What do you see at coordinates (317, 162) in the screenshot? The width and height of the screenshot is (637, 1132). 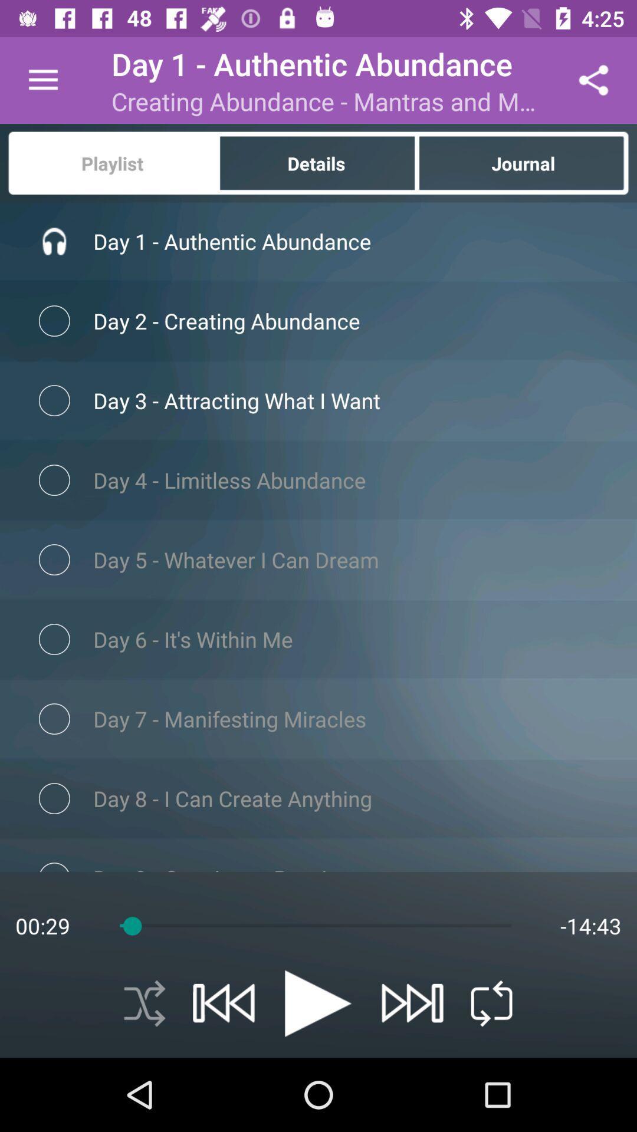 I see `item next to playlist icon` at bounding box center [317, 162].